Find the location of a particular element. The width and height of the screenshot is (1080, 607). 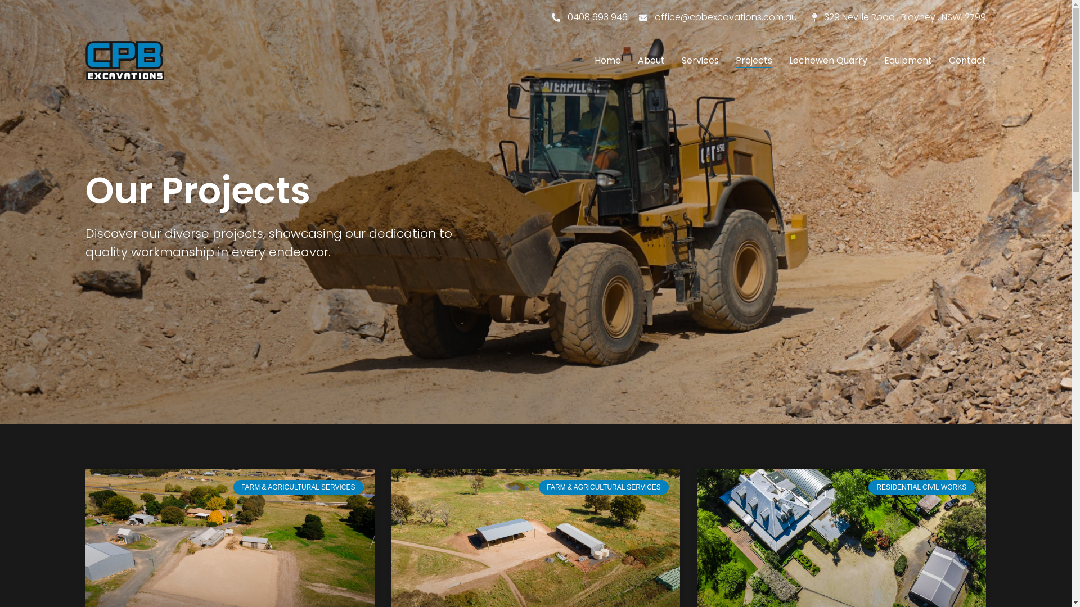

'Projects' is located at coordinates (754, 61).